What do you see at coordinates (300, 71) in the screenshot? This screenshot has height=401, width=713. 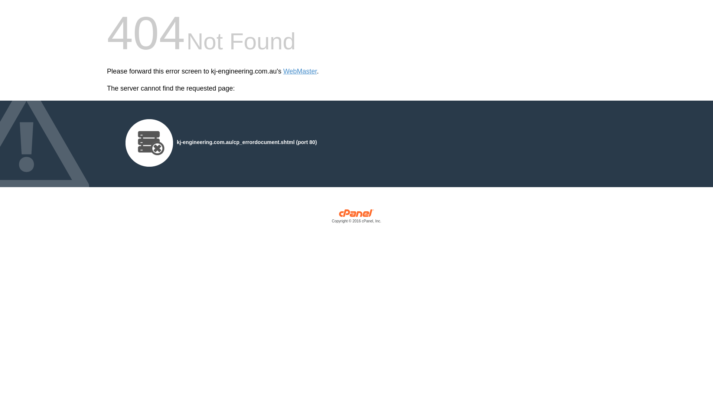 I see `'WebMaster'` at bounding box center [300, 71].